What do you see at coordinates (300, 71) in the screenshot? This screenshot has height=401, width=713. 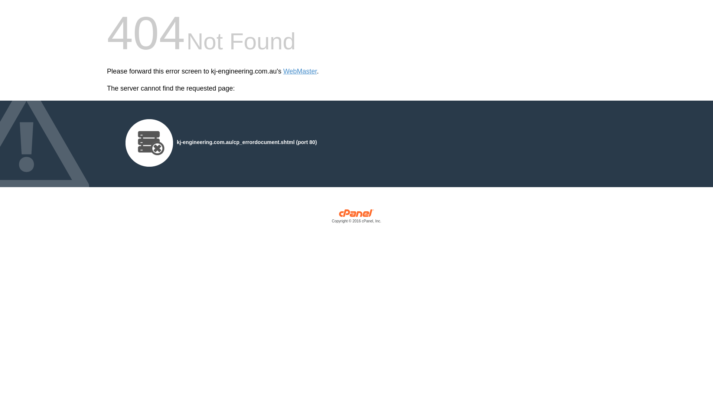 I see `'WebMaster'` at bounding box center [300, 71].